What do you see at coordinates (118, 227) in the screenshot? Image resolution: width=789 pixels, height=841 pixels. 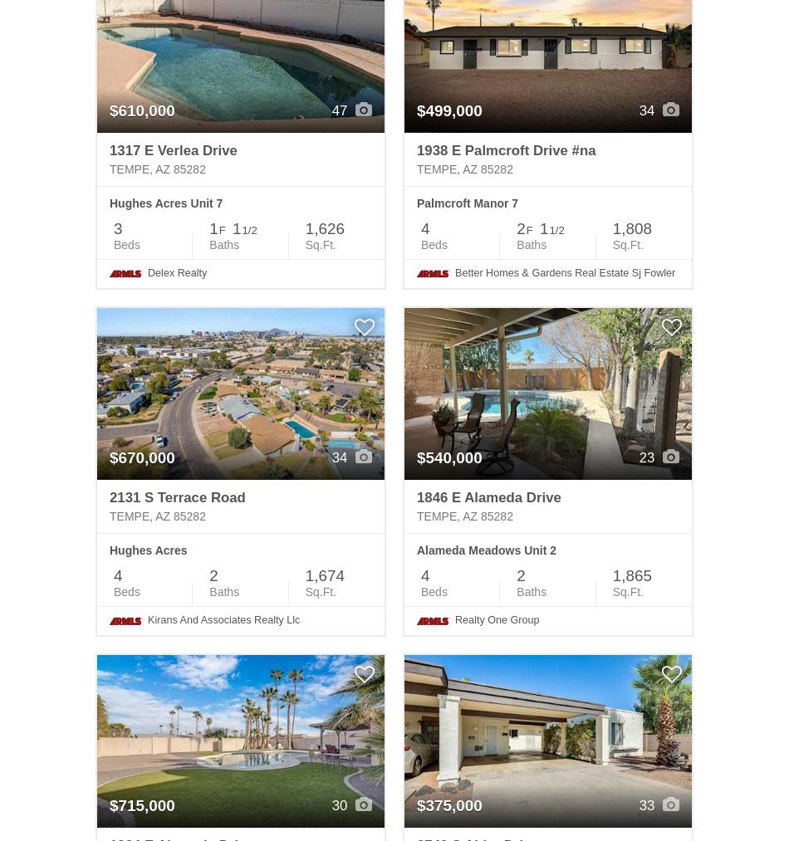 I see `'3'` at bounding box center [118, 227].